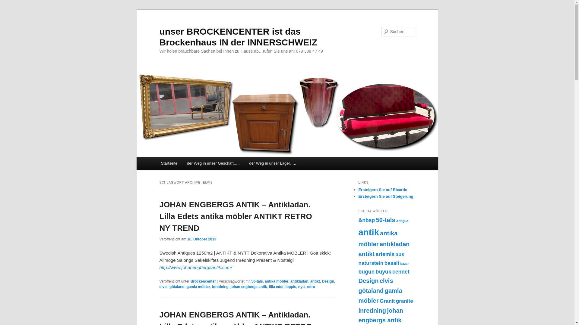 This screenshot has width=579, height=325. I want to click on 'antikladan', so click(299, 281).